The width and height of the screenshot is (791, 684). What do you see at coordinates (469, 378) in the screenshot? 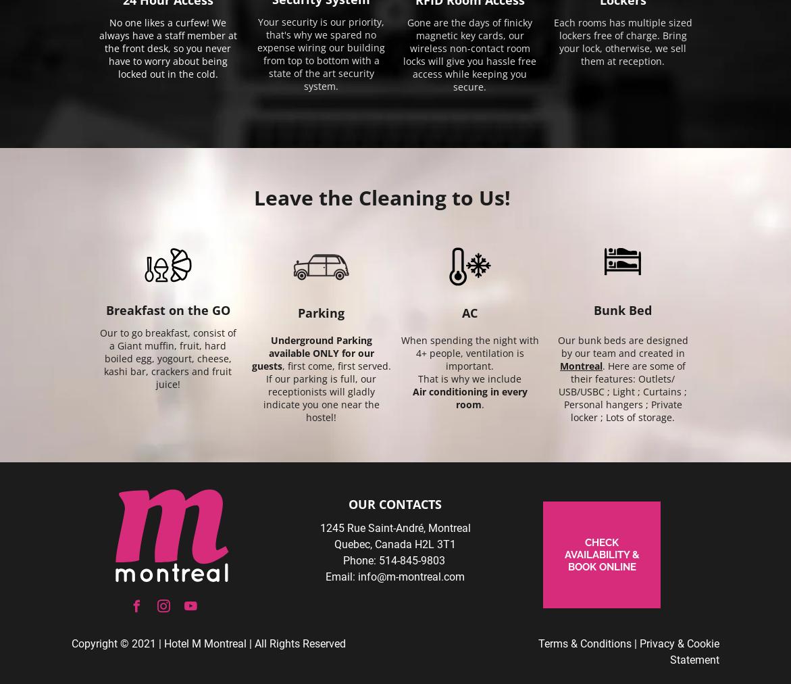
I see `'That is why we include'` at bounding box center [469, 378].